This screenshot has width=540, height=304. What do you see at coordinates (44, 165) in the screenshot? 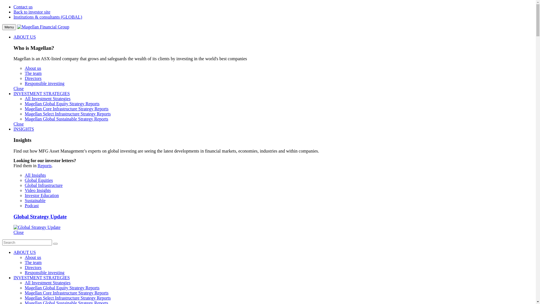
I see `'Reports'` at bounding box center [44, 165].